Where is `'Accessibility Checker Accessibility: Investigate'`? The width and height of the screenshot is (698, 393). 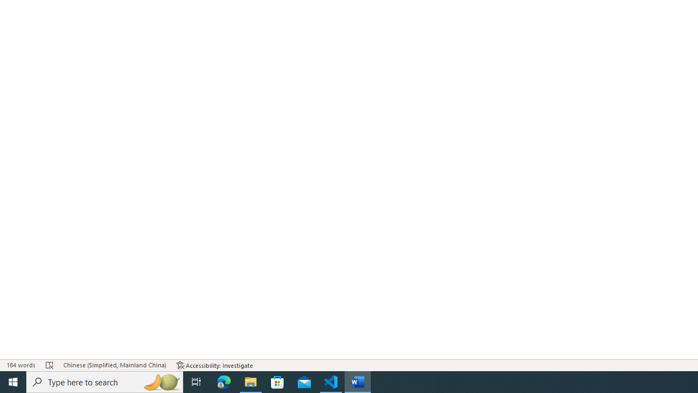 'Accessibility Checker Accessibility: Investigate' is located at coordinates (215, 365).